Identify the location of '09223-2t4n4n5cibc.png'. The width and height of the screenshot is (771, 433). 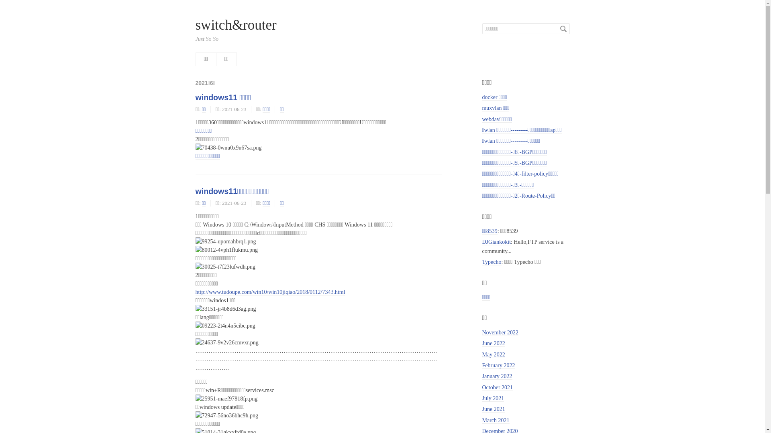
(225, 326).